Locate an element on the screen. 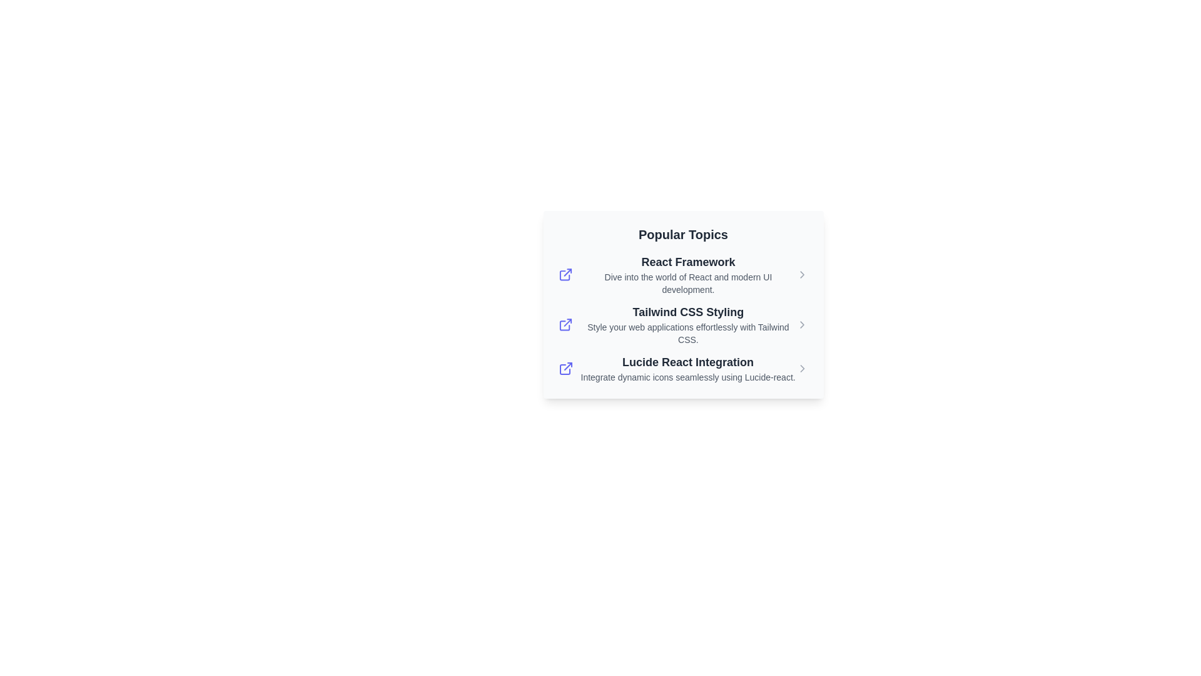 The width and height of the screenshot is (1201, 676). the interactive card titled 'Tailwind CSS Styling' is located at coordinates (682, 324).